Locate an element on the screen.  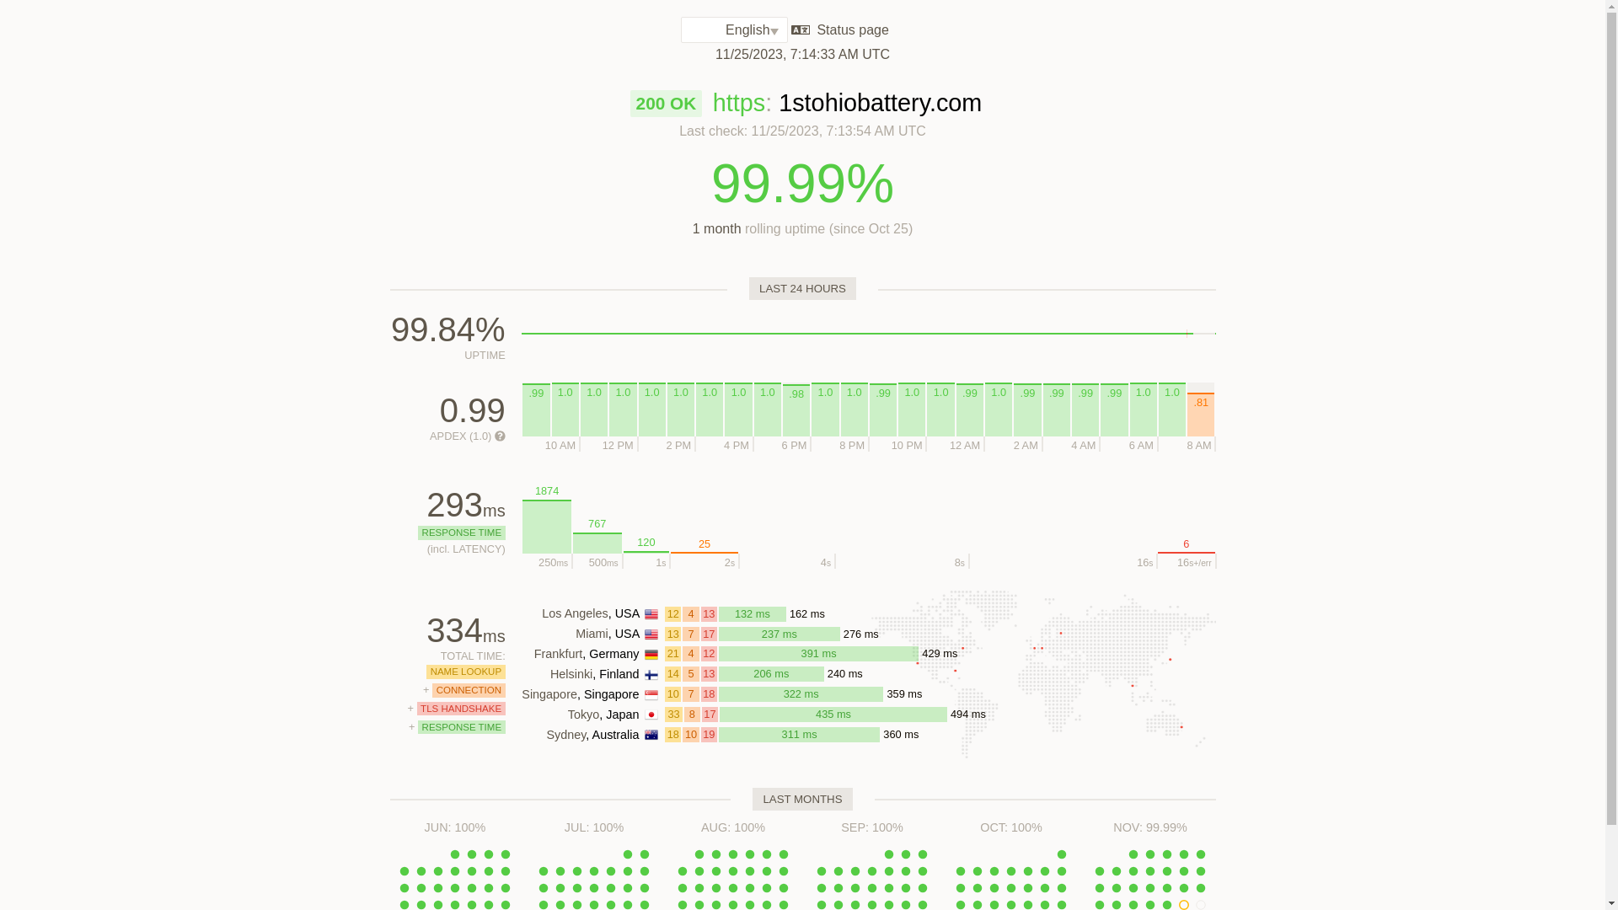
'<small>Aug 07:</small> No downtime' is located at coordinates (683, 870).